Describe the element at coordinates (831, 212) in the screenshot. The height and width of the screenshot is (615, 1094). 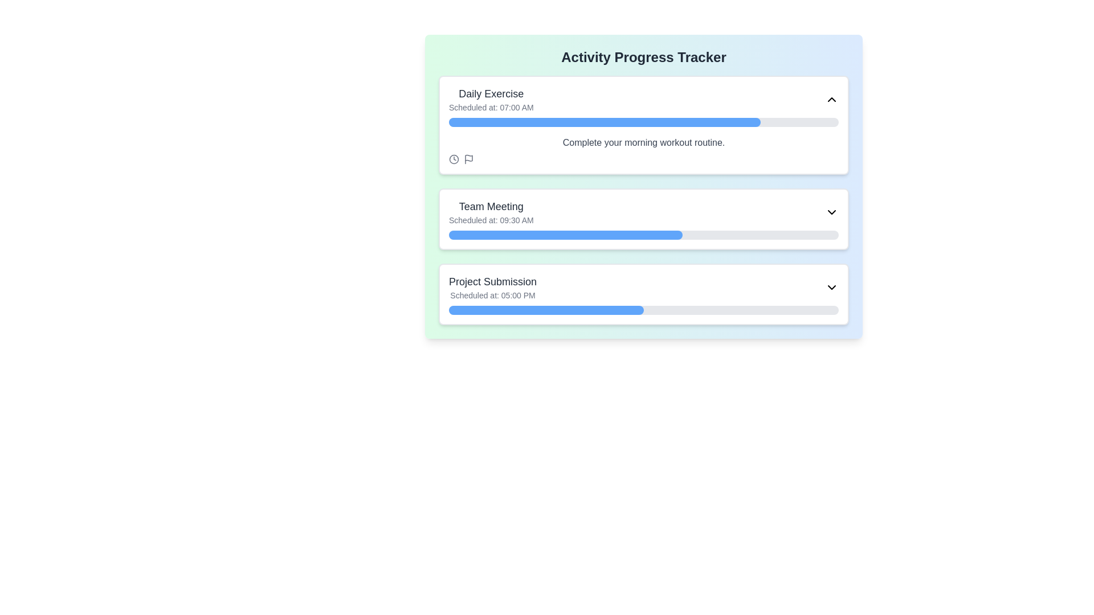
I see `the icon that expands or collapses additional details in the 'Team Meeting' section, located on the right side of the section header` at that location.